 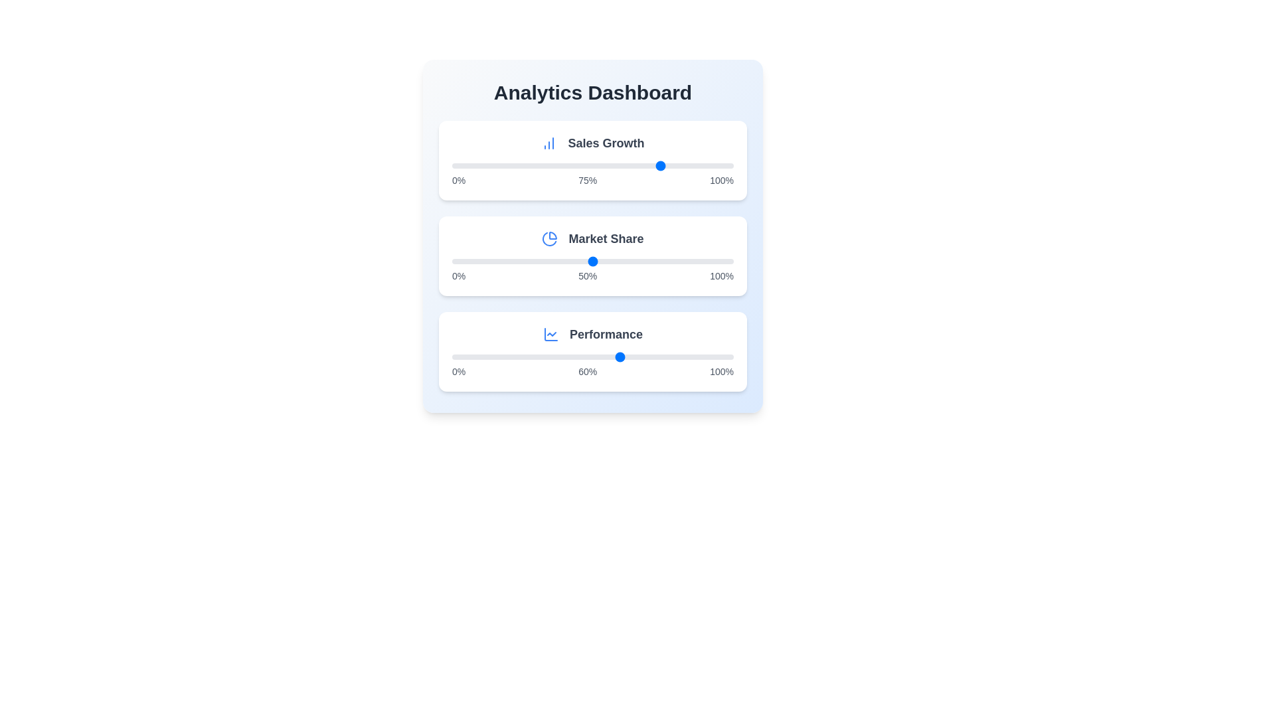 I want to click on the slider for 'Market Share' to set its value to 56, so click(x=609, y=261).